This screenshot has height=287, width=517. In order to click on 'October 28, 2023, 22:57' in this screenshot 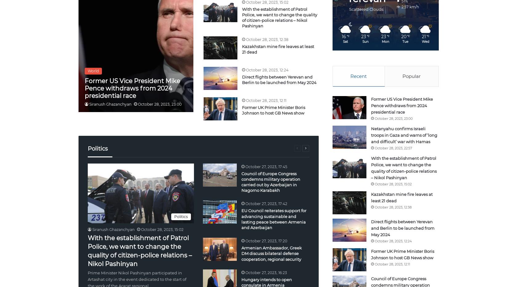, I will do `click(393, 147)`.